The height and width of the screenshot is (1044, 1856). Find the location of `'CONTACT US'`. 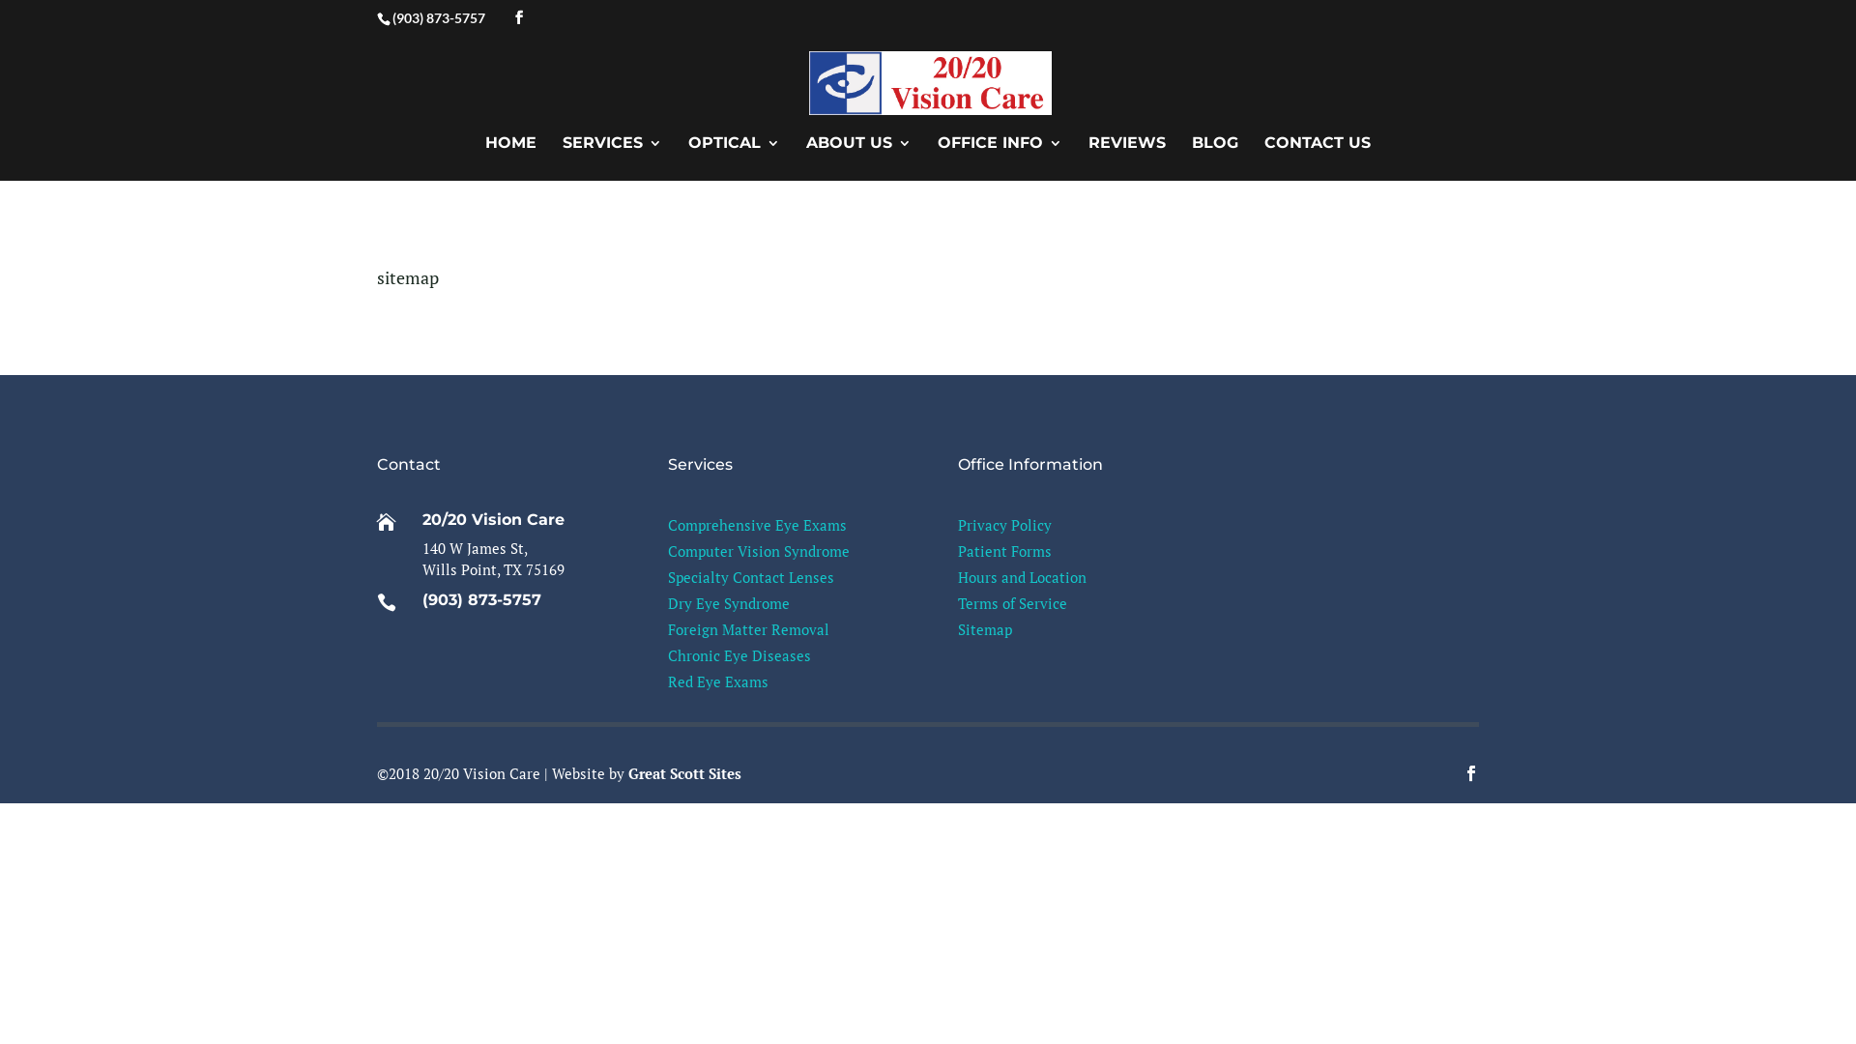

'CONTACT US' is located at coordinates (1264, 158).